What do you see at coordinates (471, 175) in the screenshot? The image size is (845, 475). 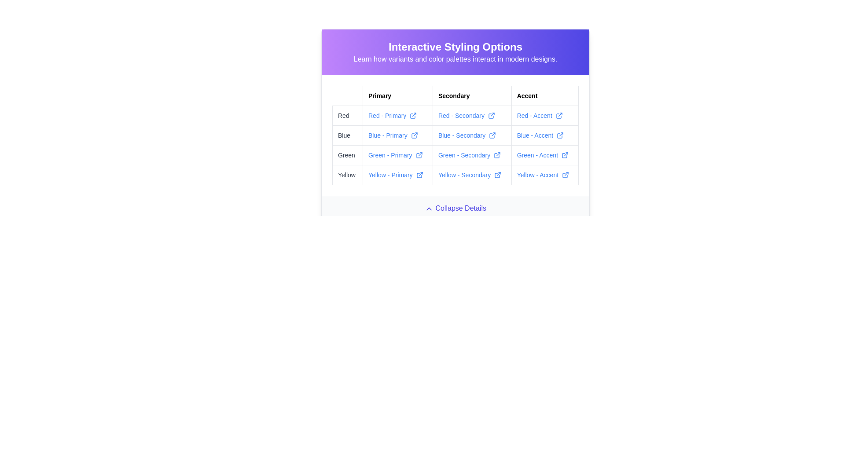 I see `the 'Yellow - Secondary' hyperlink with an external link icon` at bounding box center [471, 175].